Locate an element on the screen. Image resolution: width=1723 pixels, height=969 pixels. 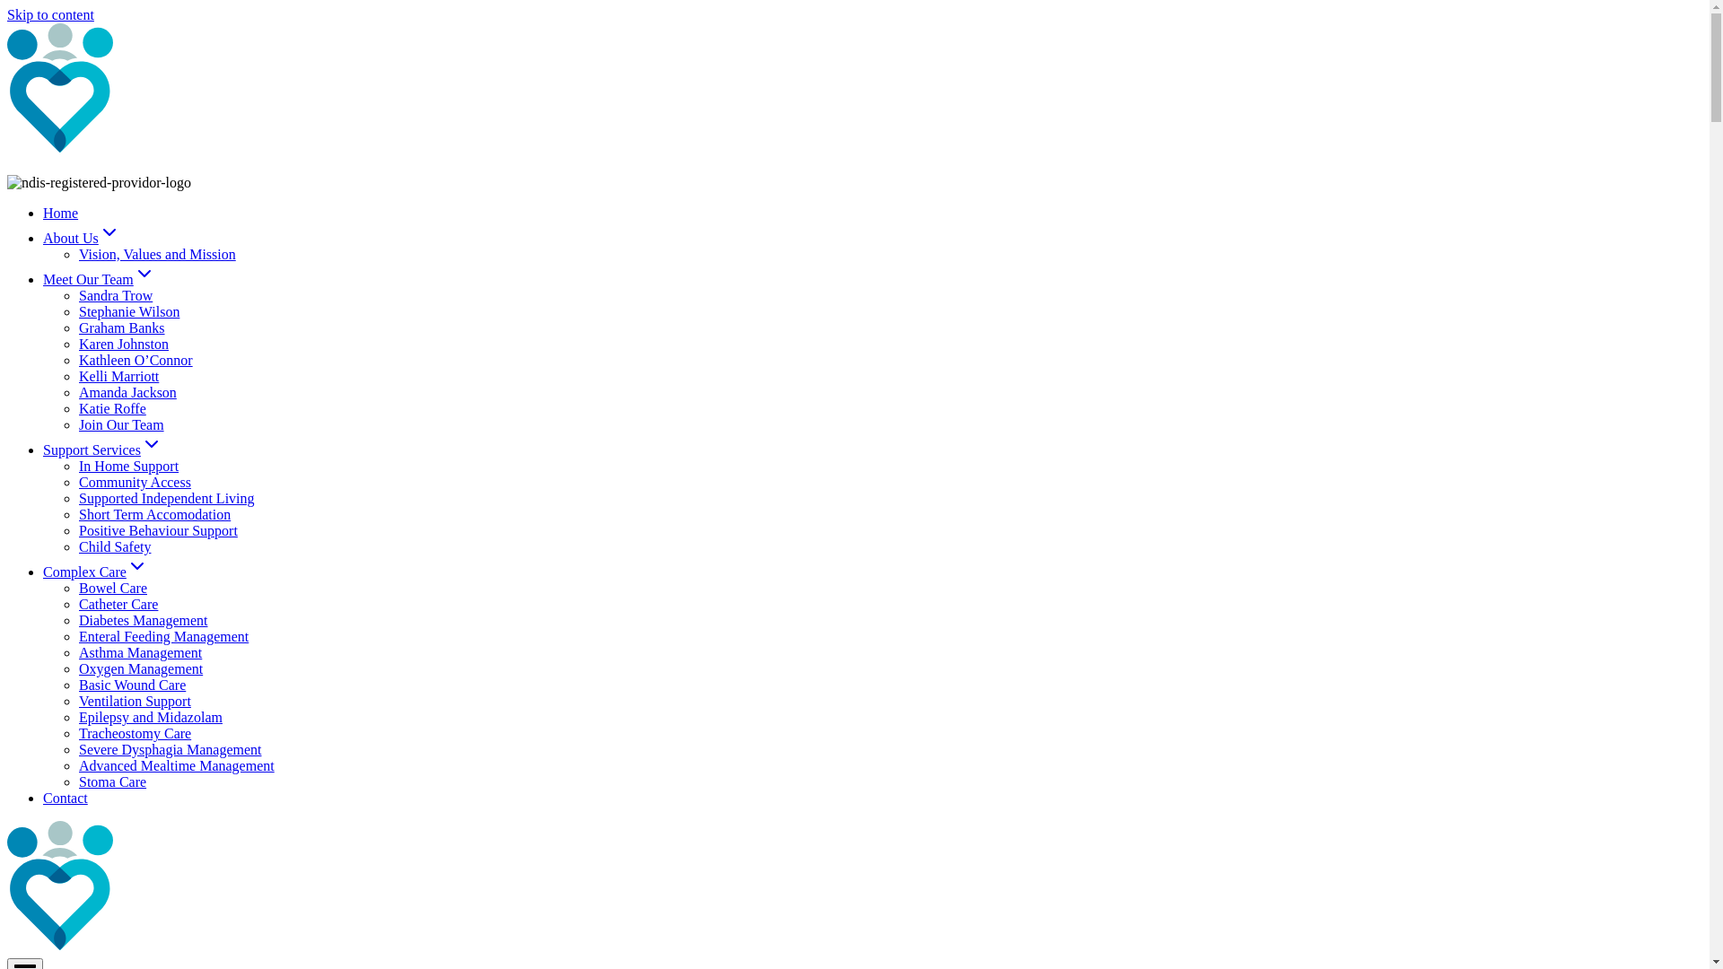
'Karen Johnston' is located at coordinates (123, 344).